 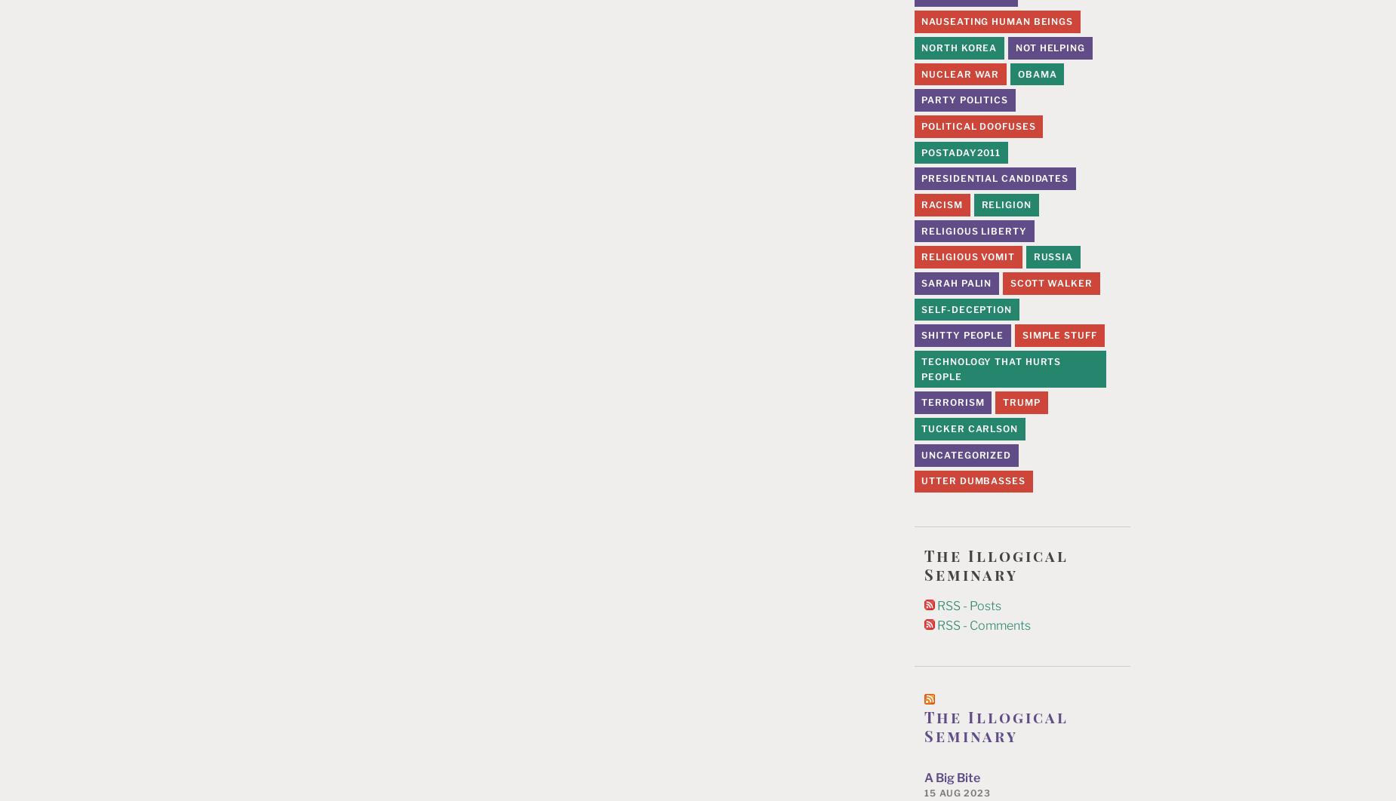 What do you see at coordinates (959, 73) in the screenshot?
I see `'Nuclear War'` at bounding box center [959, 73].